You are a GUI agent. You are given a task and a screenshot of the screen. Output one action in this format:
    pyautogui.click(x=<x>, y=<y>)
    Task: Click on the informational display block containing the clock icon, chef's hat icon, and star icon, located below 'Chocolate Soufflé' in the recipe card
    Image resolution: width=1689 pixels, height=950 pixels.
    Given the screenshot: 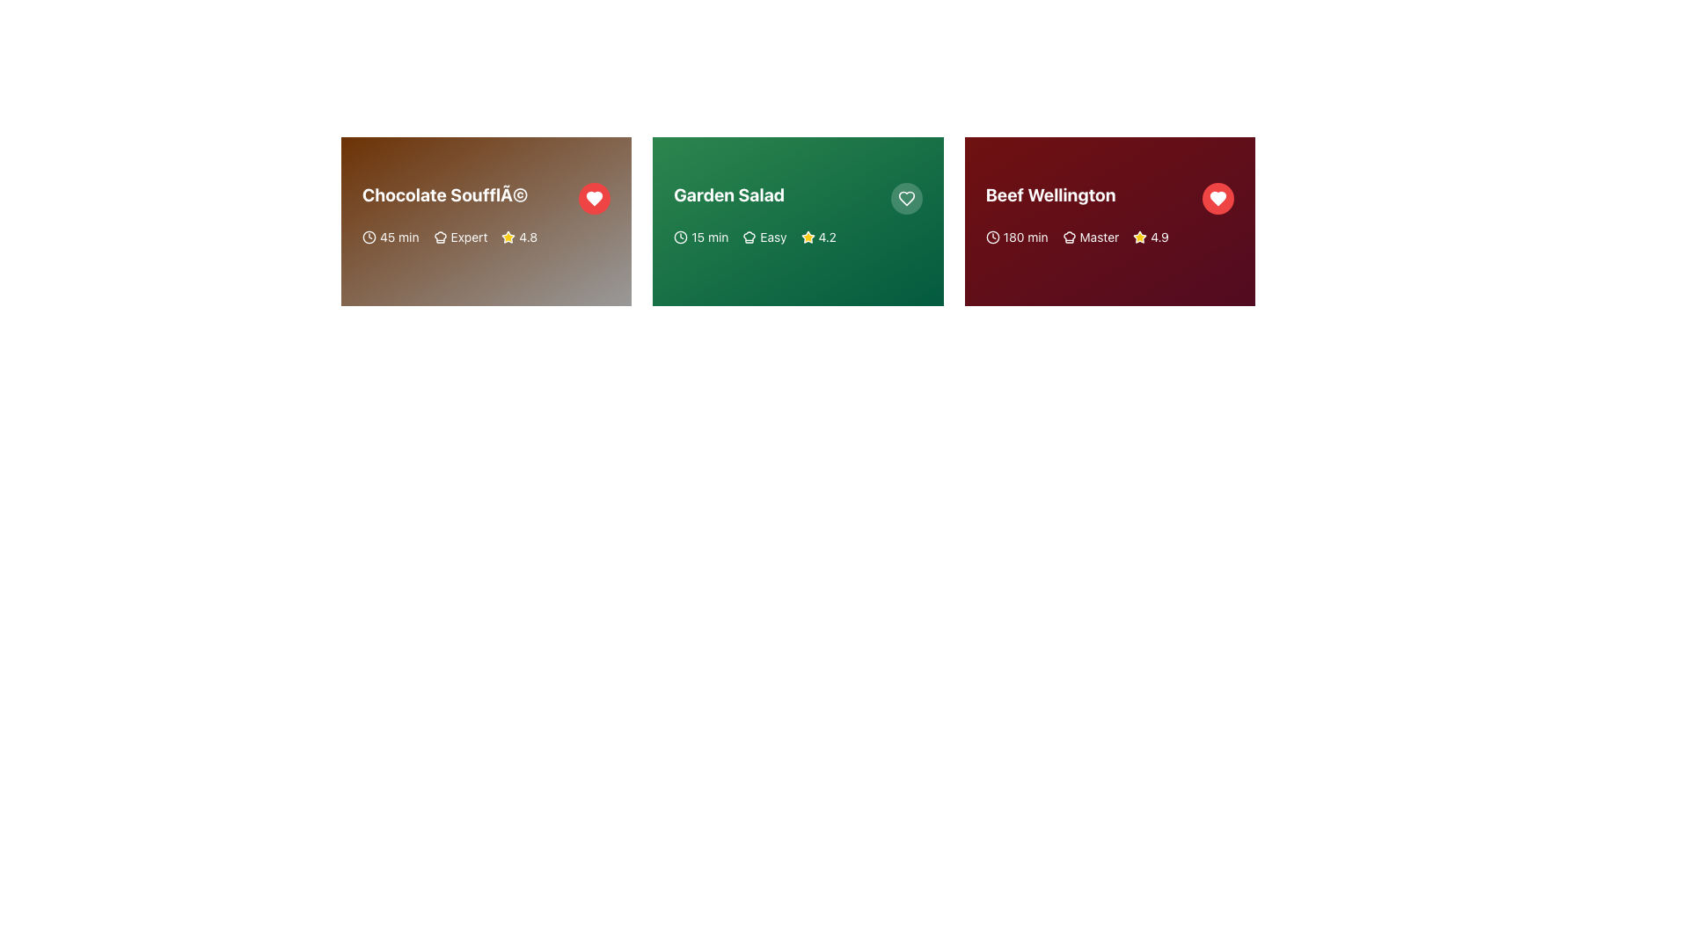 What is the action you would take?
    pyautogui.click(x=486, y=237)
    